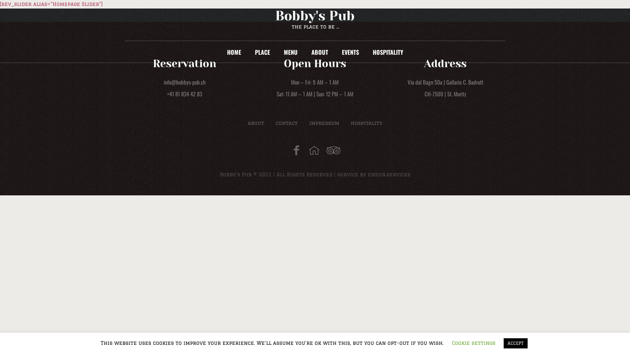  Describe the element at coordinates (332, 150) in the screenshot. I see `'tripadvisor'` at that location.